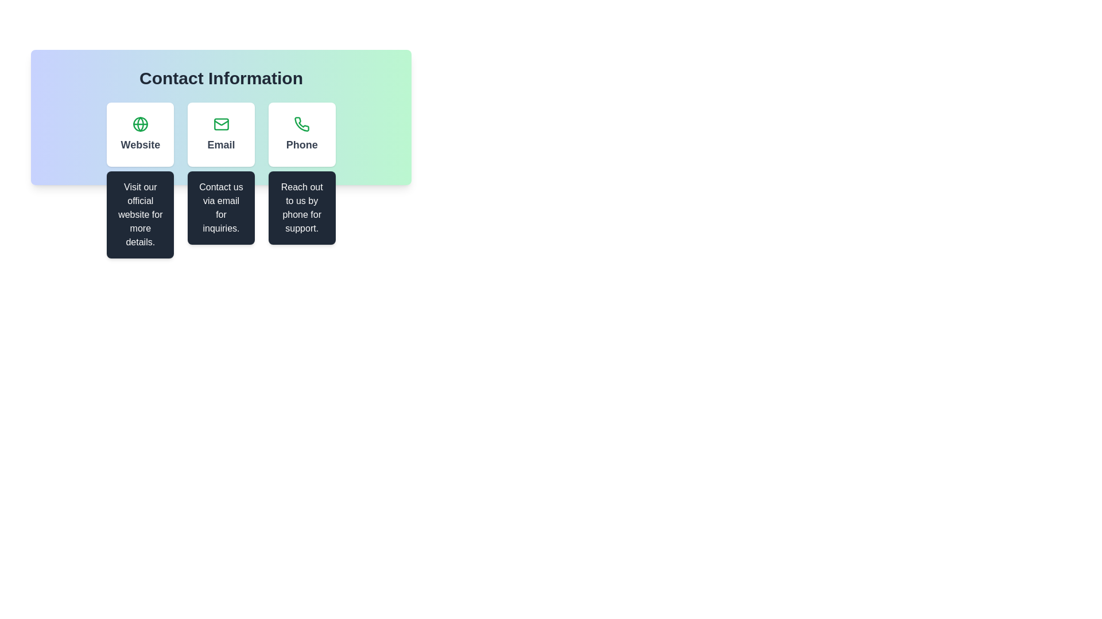  What do you see at coordinates (139, 124) in the screenshot?
I see `the green circular shape centered within the globe icon in the Contact Information interface, located at the top of the Website section` at bounding box center [139, 124].